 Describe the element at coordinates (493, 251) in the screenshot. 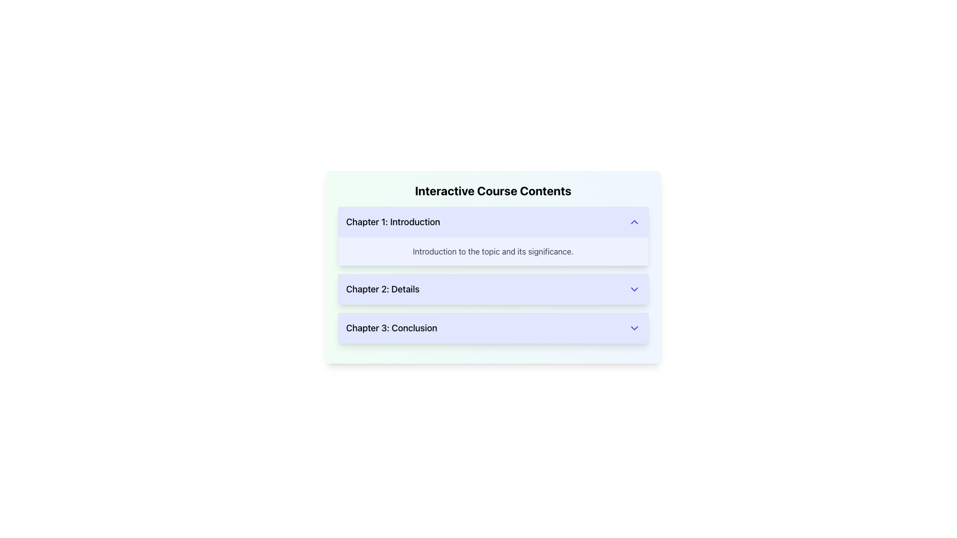

I see `the Text Display element that shows 'Introduction to the topic and its significance.' with a blue-tinted background, located below the header 'Chapter 1: Introduction'` at that location.